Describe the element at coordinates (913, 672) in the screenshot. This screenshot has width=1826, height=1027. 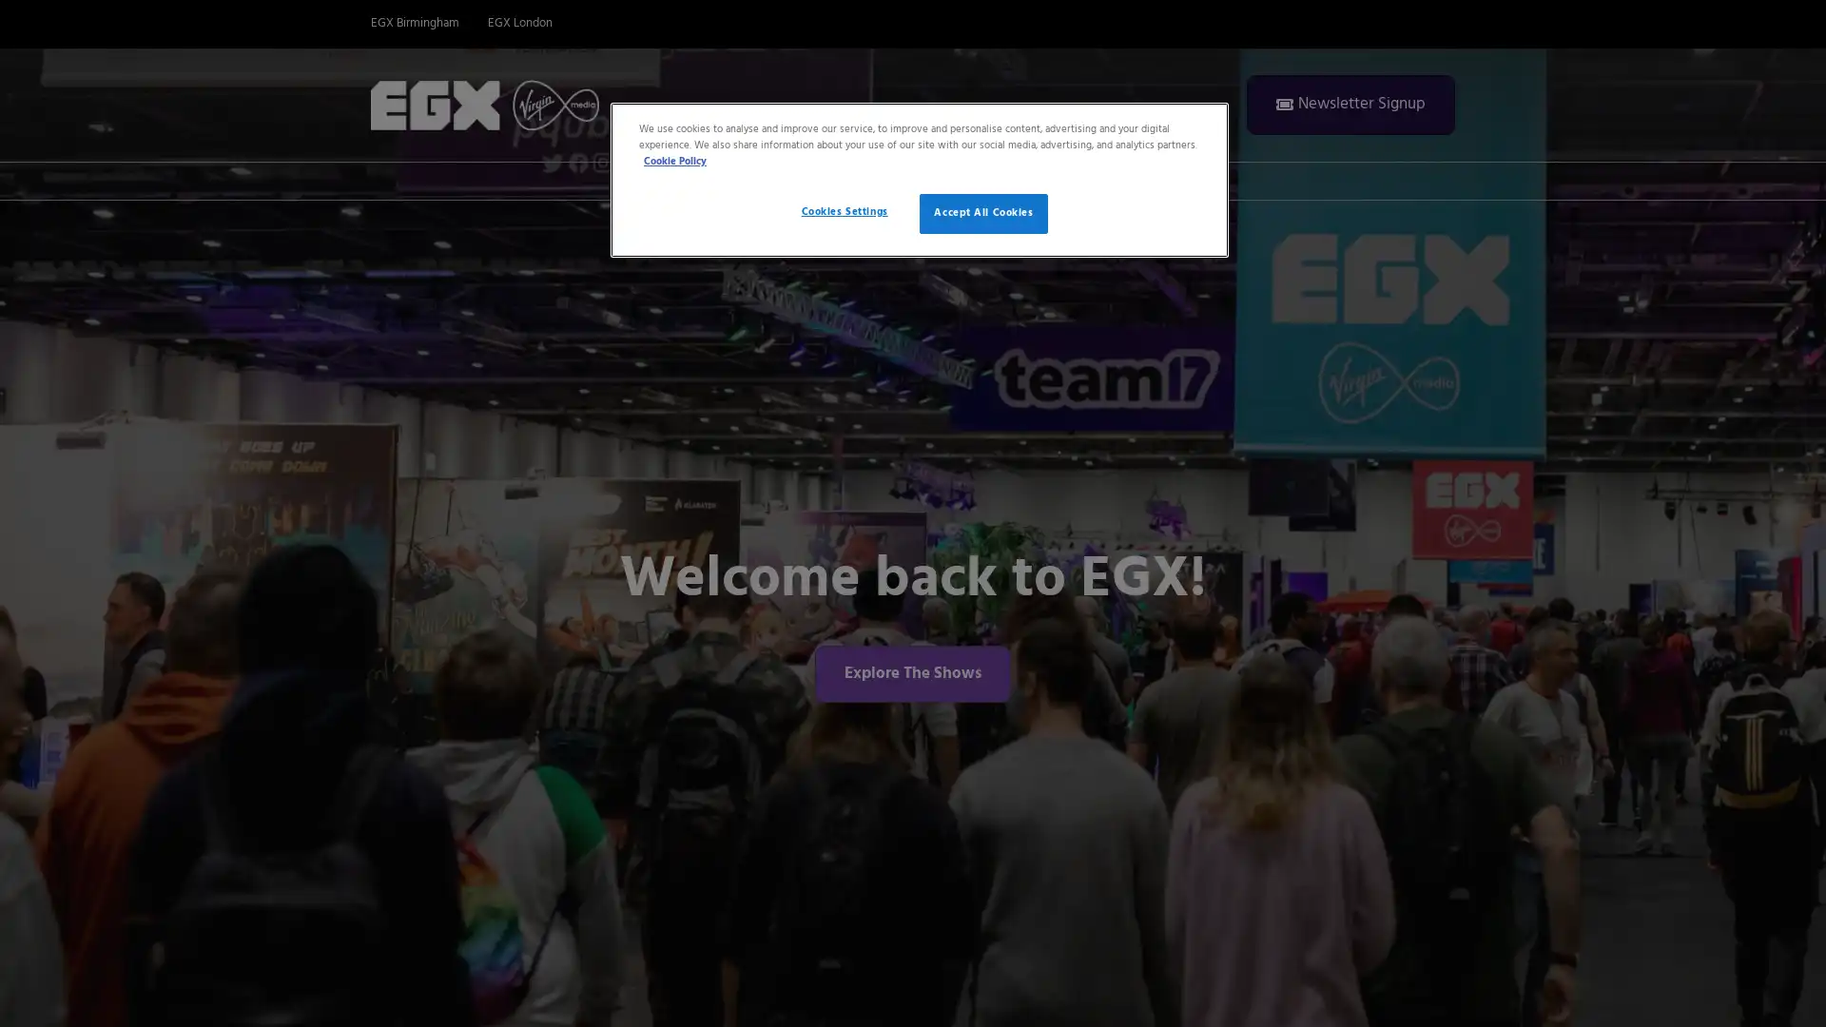
I see `Explore The Shows` at that location.